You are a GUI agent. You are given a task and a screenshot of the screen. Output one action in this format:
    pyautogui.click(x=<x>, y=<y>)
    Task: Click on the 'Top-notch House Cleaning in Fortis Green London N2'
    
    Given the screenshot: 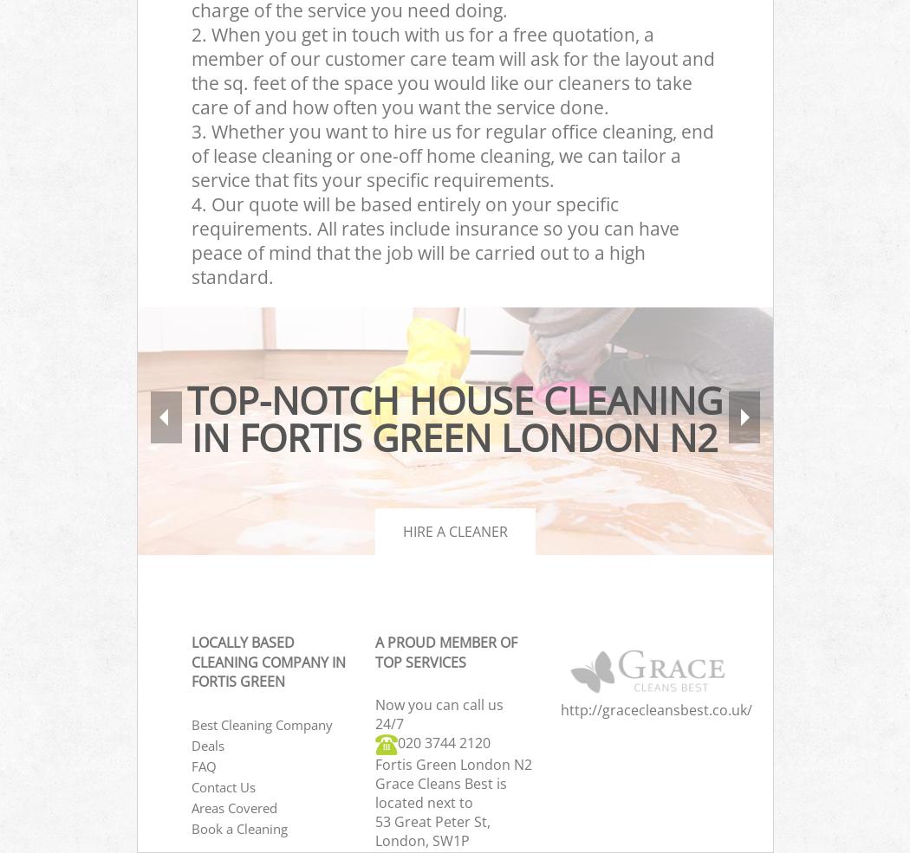 What is the action you would take?
    pyautogui.click(x=455, y=418)
    